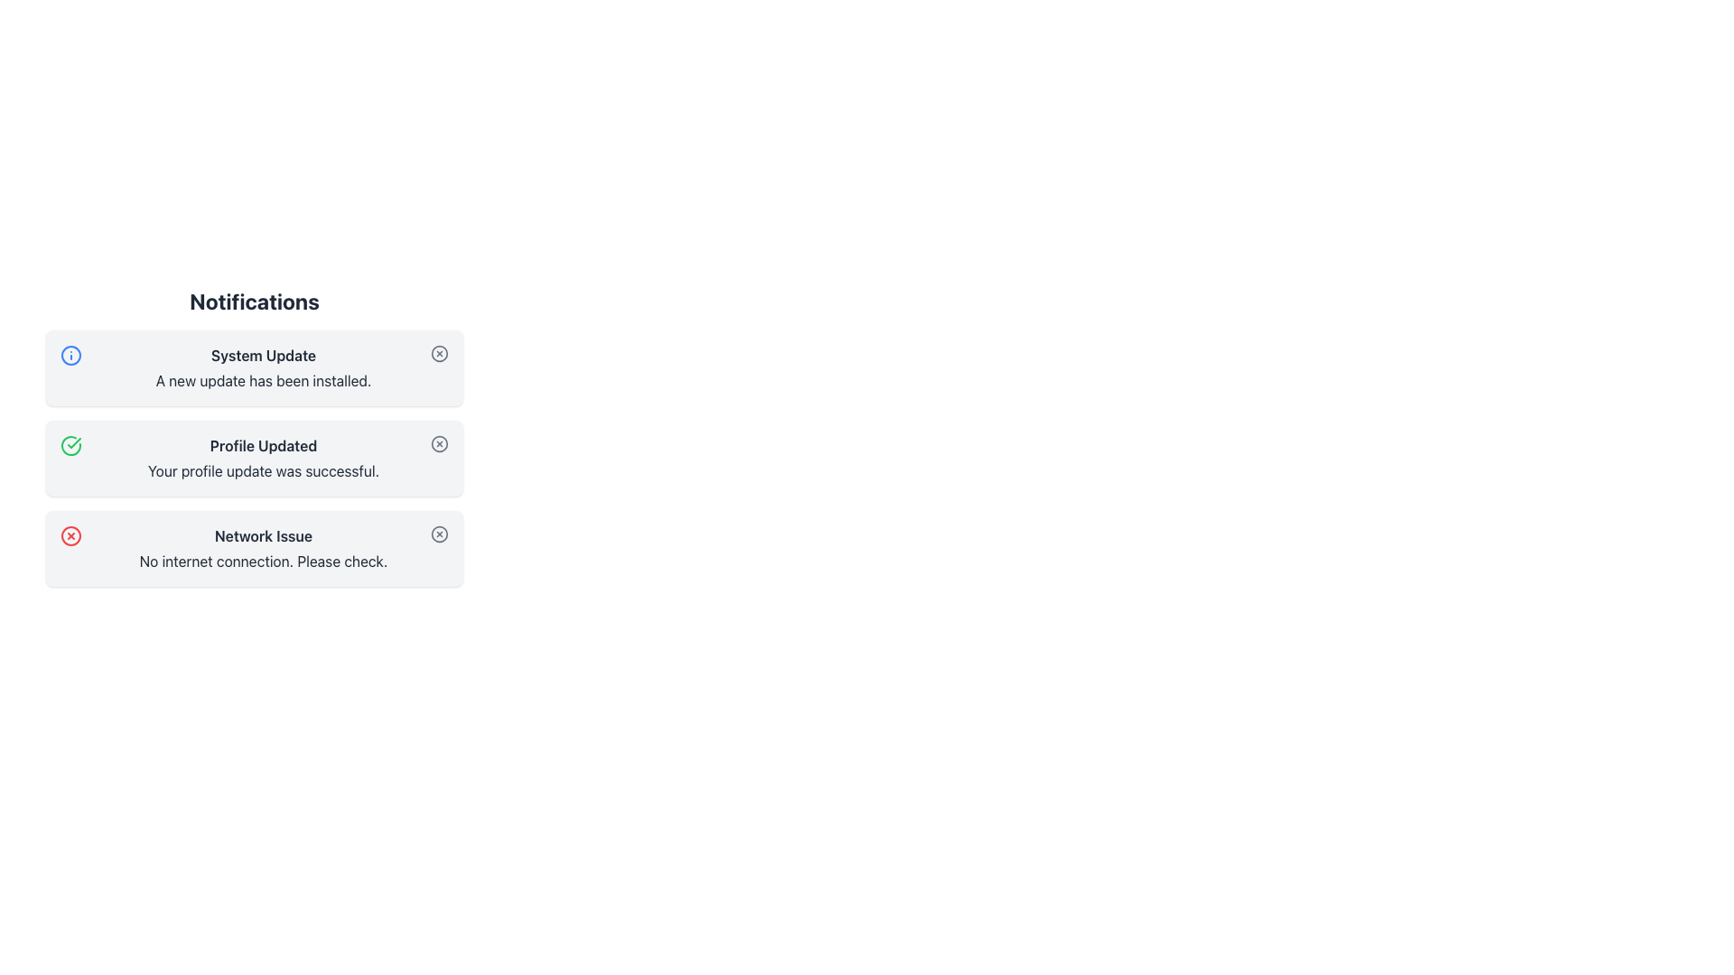 The width and height of the screenshot is (1734, 975). I want to click on static text message that displays 'A new update has been installed.' located beneath the heading 'System Update' in the first notification card, so click(263, 379).